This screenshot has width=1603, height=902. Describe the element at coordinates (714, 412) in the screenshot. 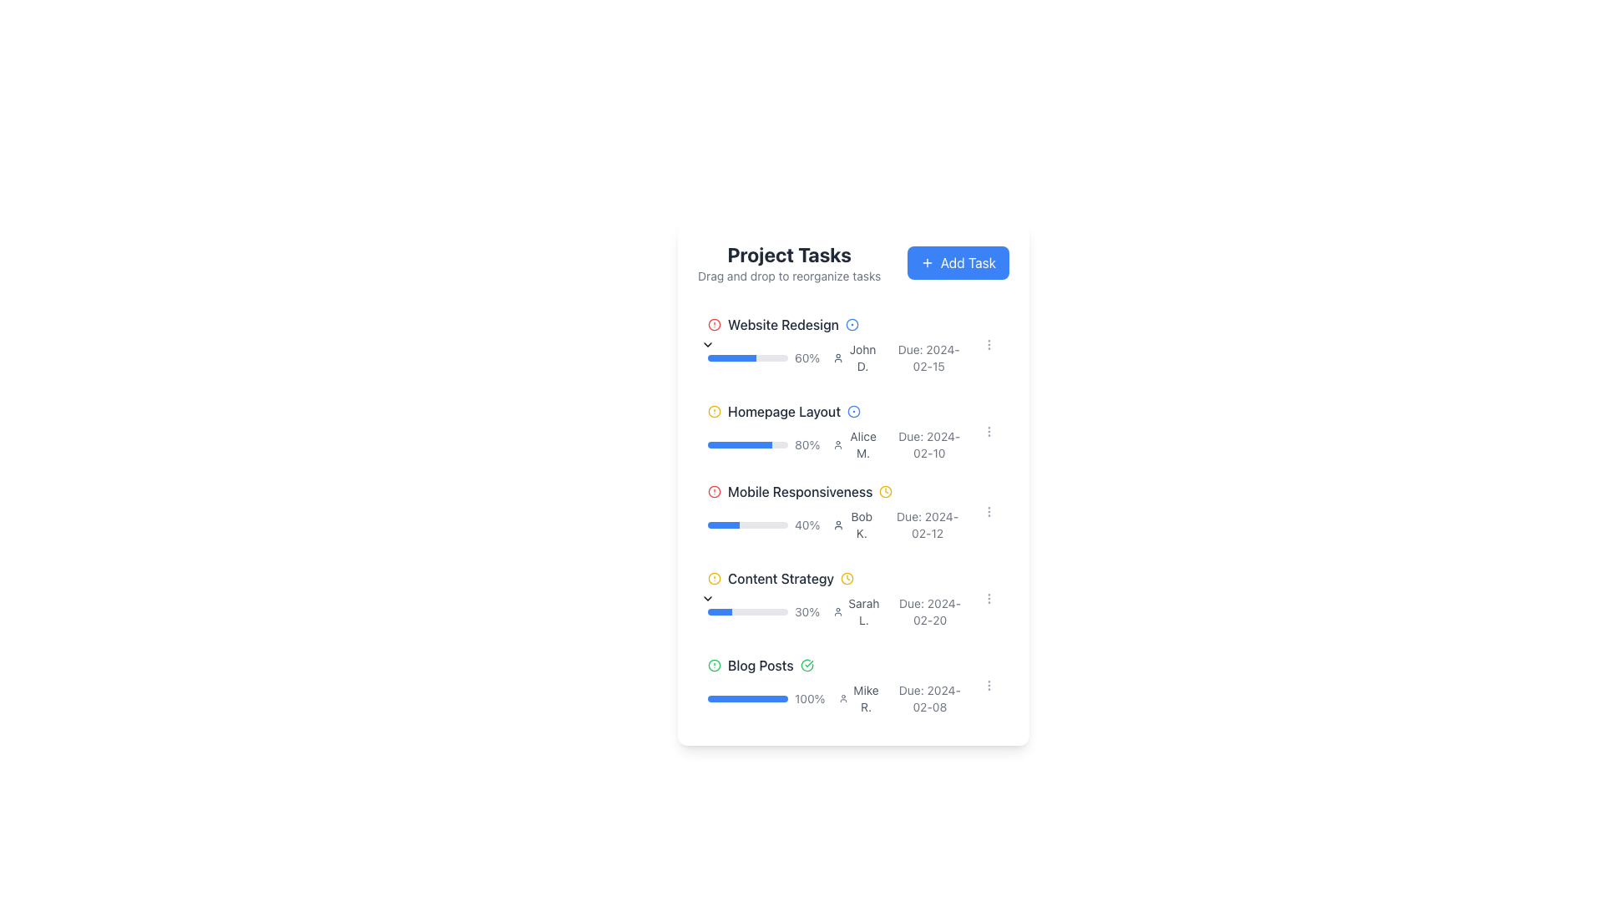

I see `the yellow circular alert icon with a hollow outline and a vertical line, located on the far left preceding the text 'Homepage Layout'` at that location.